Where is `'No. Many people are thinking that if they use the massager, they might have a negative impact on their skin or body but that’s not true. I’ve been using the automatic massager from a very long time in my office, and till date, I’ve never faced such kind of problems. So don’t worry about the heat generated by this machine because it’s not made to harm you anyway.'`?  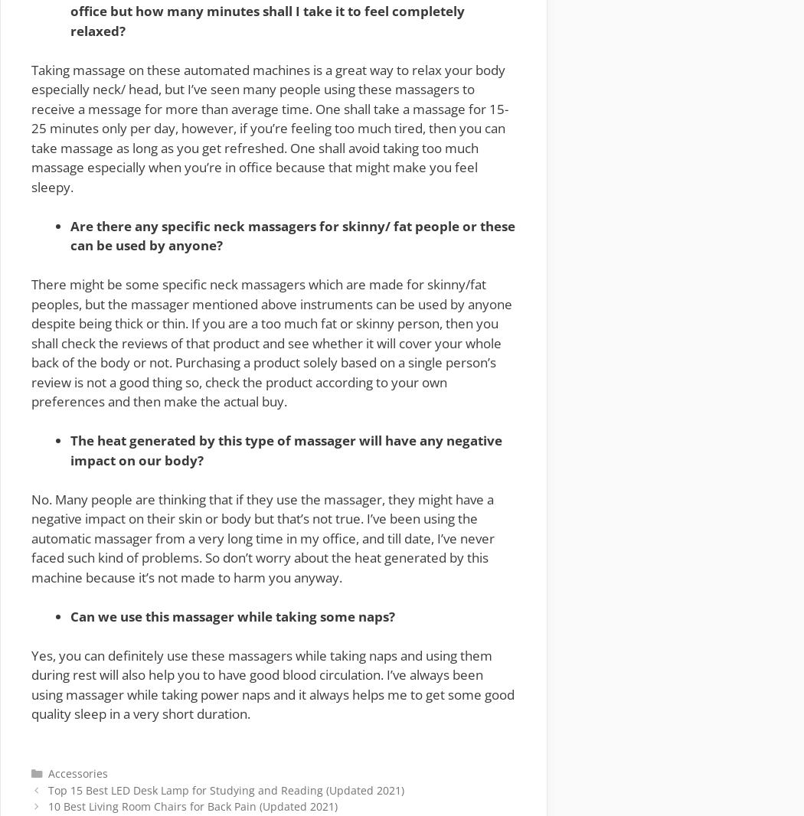 'No. Many people are thinking that if they use the massager, they might have a negative impact on their skin or body but that’s not true. I’ve been using the automatic massager from a very long time in my office, and till date, I’ve never faced such kind of problems. So don’t worry about the heat generated by this machine because it’s not made to harm you anyway.' is located at coordinates (262, 537).